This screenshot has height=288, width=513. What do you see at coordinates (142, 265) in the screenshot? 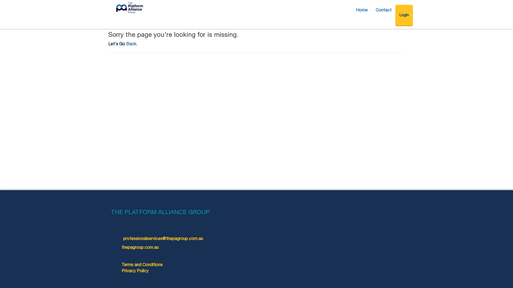
I see `'Terms and Conditions'` at bounding box center [142, 265].